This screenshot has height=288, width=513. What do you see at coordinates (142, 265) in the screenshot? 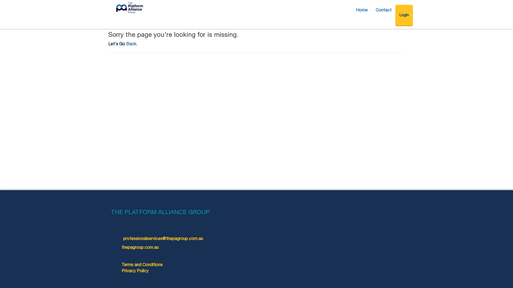
I see `'Terms and Conditions'` at bounding box center [142, 265].